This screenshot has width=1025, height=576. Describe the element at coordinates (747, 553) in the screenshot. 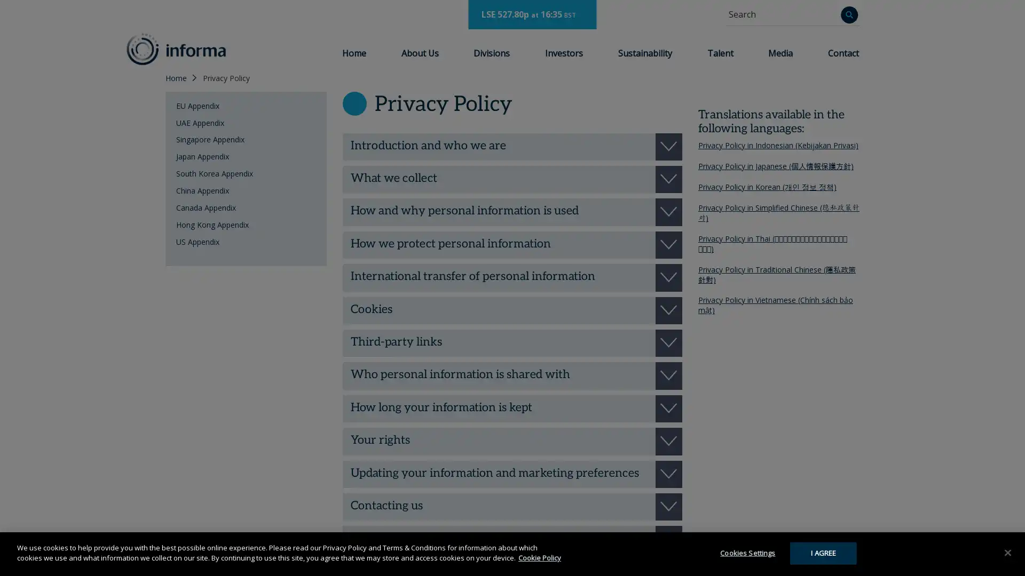

I see `Cookies Settings` at that location.